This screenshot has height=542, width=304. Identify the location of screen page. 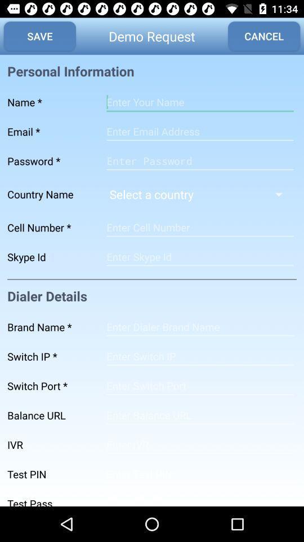
(199, 414).